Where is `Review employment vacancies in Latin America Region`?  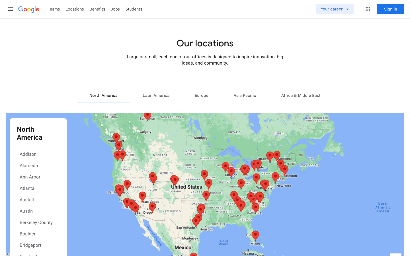
Review employment vacancies in Latin America Region is located at coordinates (156, 95).